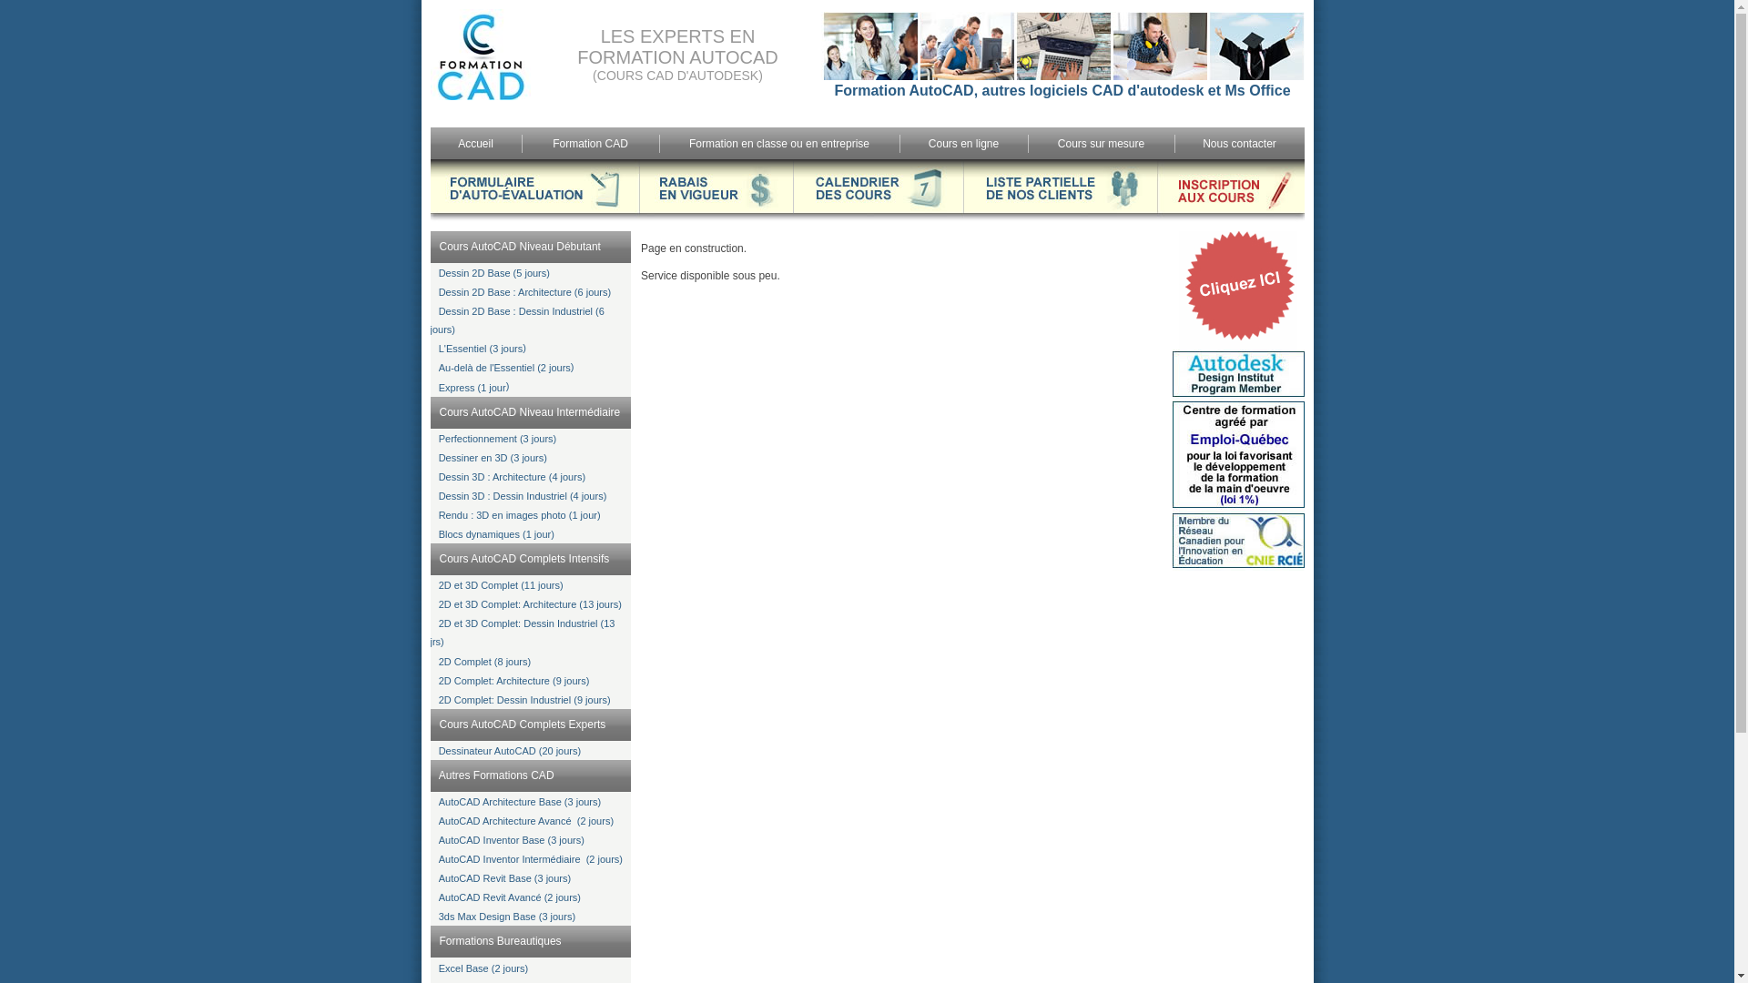 The width and height of the screenshot is (1748, 983). Describe the element at coordinates (521, 631) in the screenshot. I see `'2D et 3D Complet: Dessin Industriel (13 jrs)'` at that location.